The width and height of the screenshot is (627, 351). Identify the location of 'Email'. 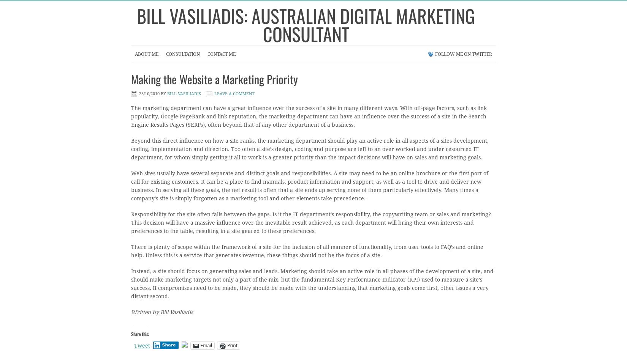
(200, 345).